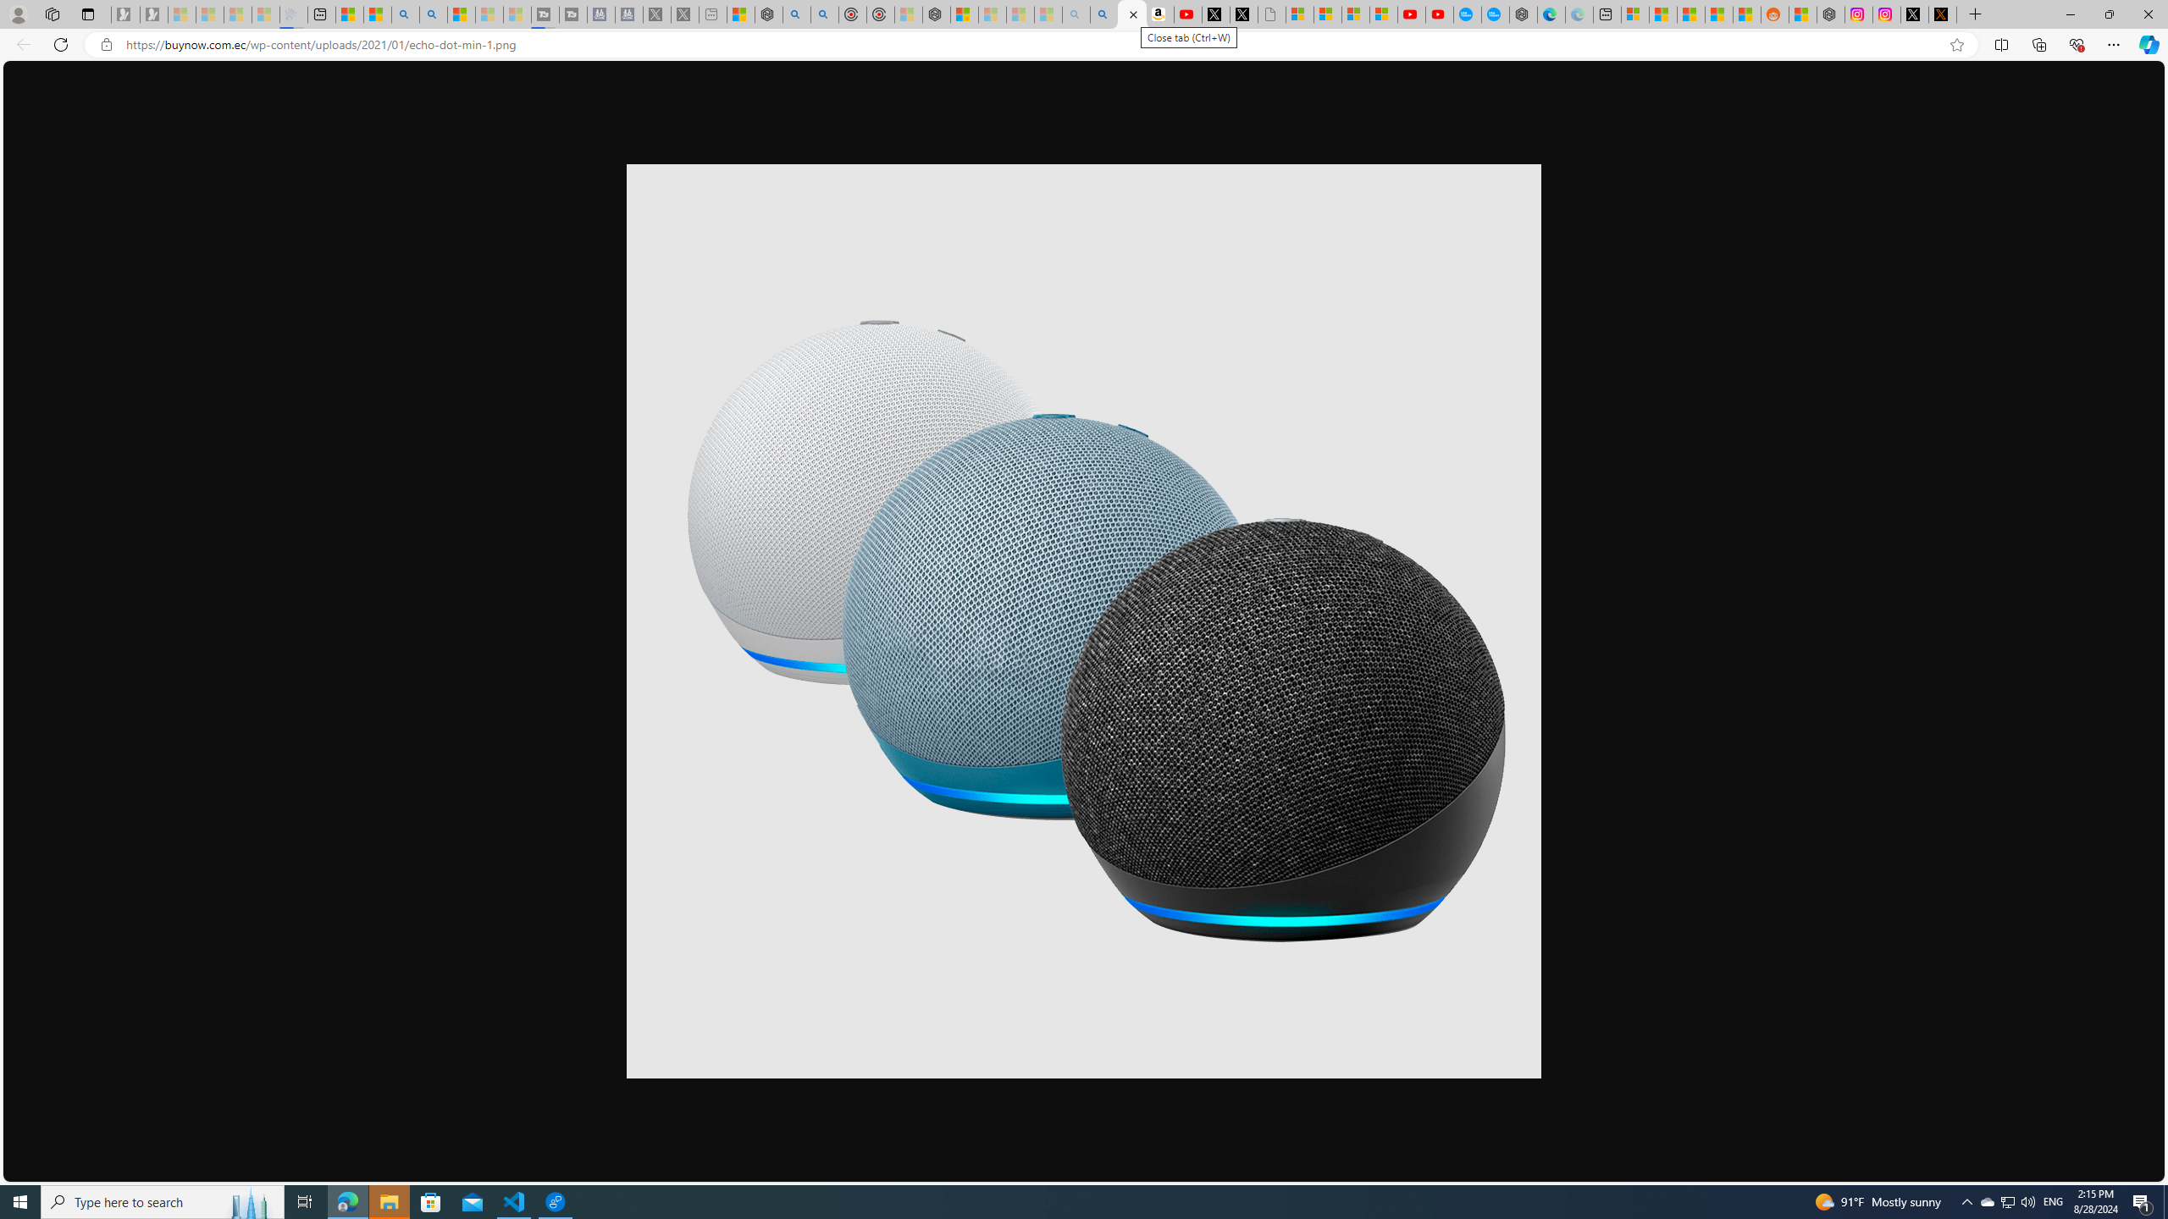 This screenshot has height=1219, width=2168. I want to click on 'Day 1: Arriving in Yemen (surreal to be here) - YouTube', so click(1187, 14).